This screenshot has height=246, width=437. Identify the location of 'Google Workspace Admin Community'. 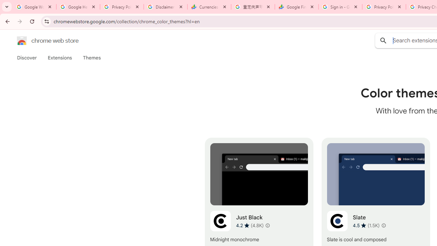
(34, 7).